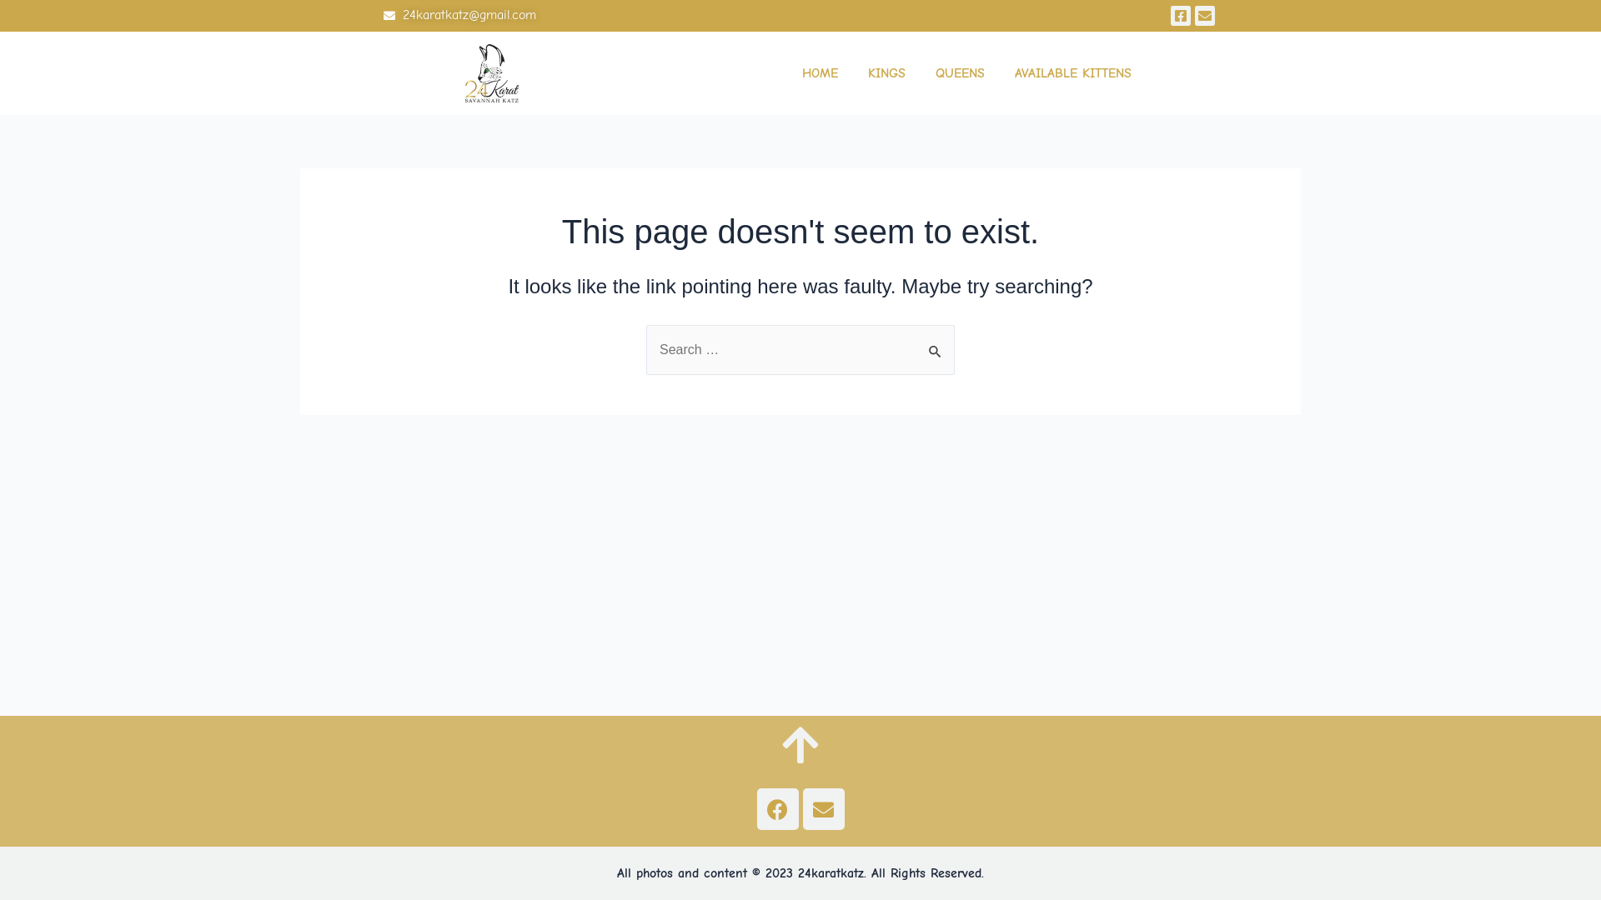  Describe the element at coordinates (590, 16) in the screenshot. I see `'24karatkatz@gmail.com'` at that location.